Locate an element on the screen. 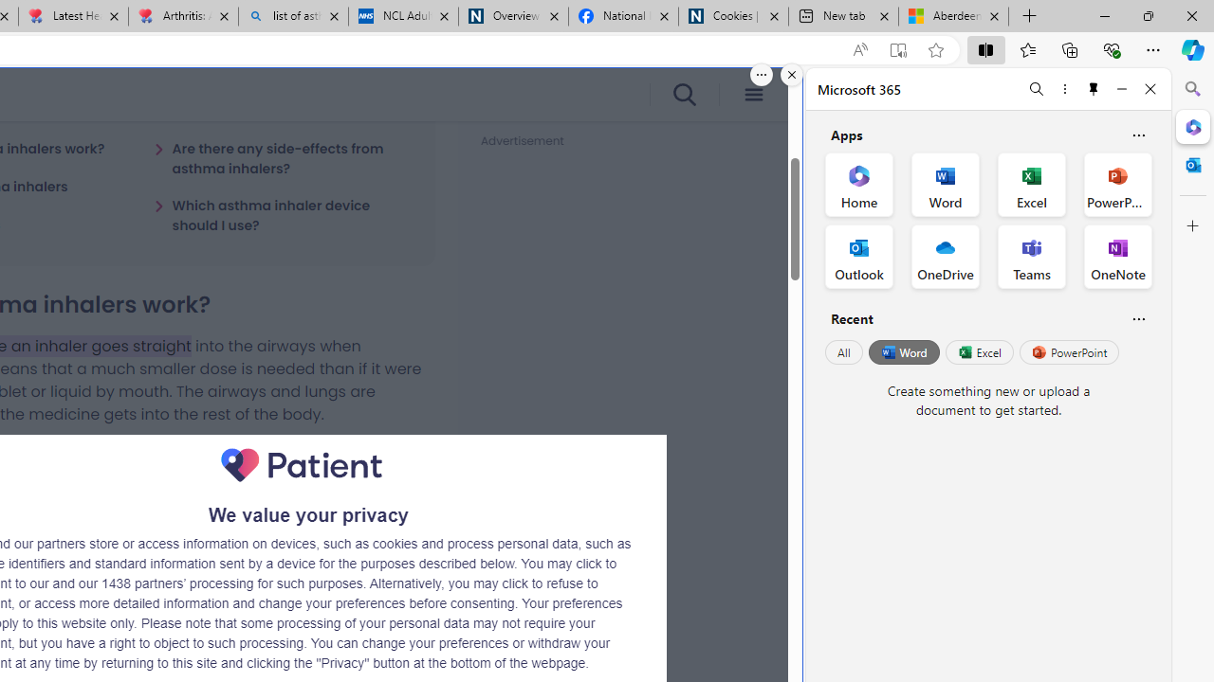  'PowerPoint' is located at coordinates (1069, 352).